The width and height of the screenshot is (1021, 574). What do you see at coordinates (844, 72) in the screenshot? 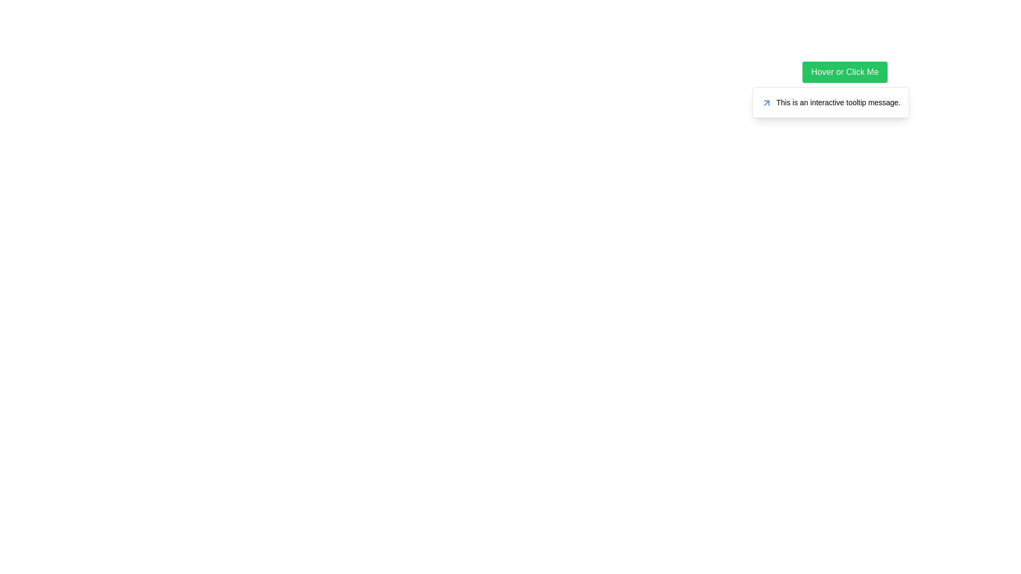
I see `the green button with white text that reads 'Hover or Click Me' located near the top-right section of the page` at bounding box center [844, 72].